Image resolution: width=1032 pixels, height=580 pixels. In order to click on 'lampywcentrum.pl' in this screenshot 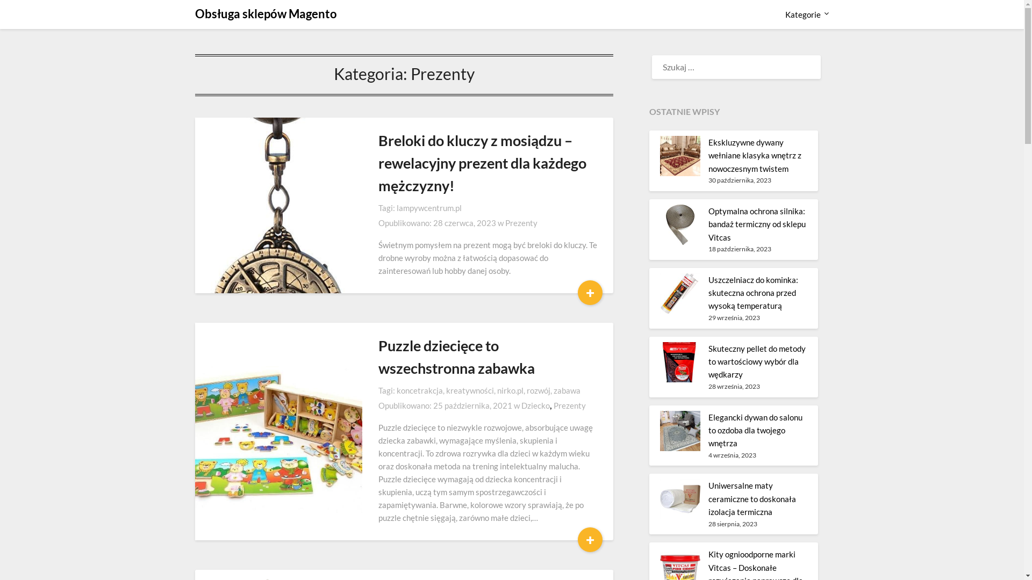, I will do `click(428, 207)`.